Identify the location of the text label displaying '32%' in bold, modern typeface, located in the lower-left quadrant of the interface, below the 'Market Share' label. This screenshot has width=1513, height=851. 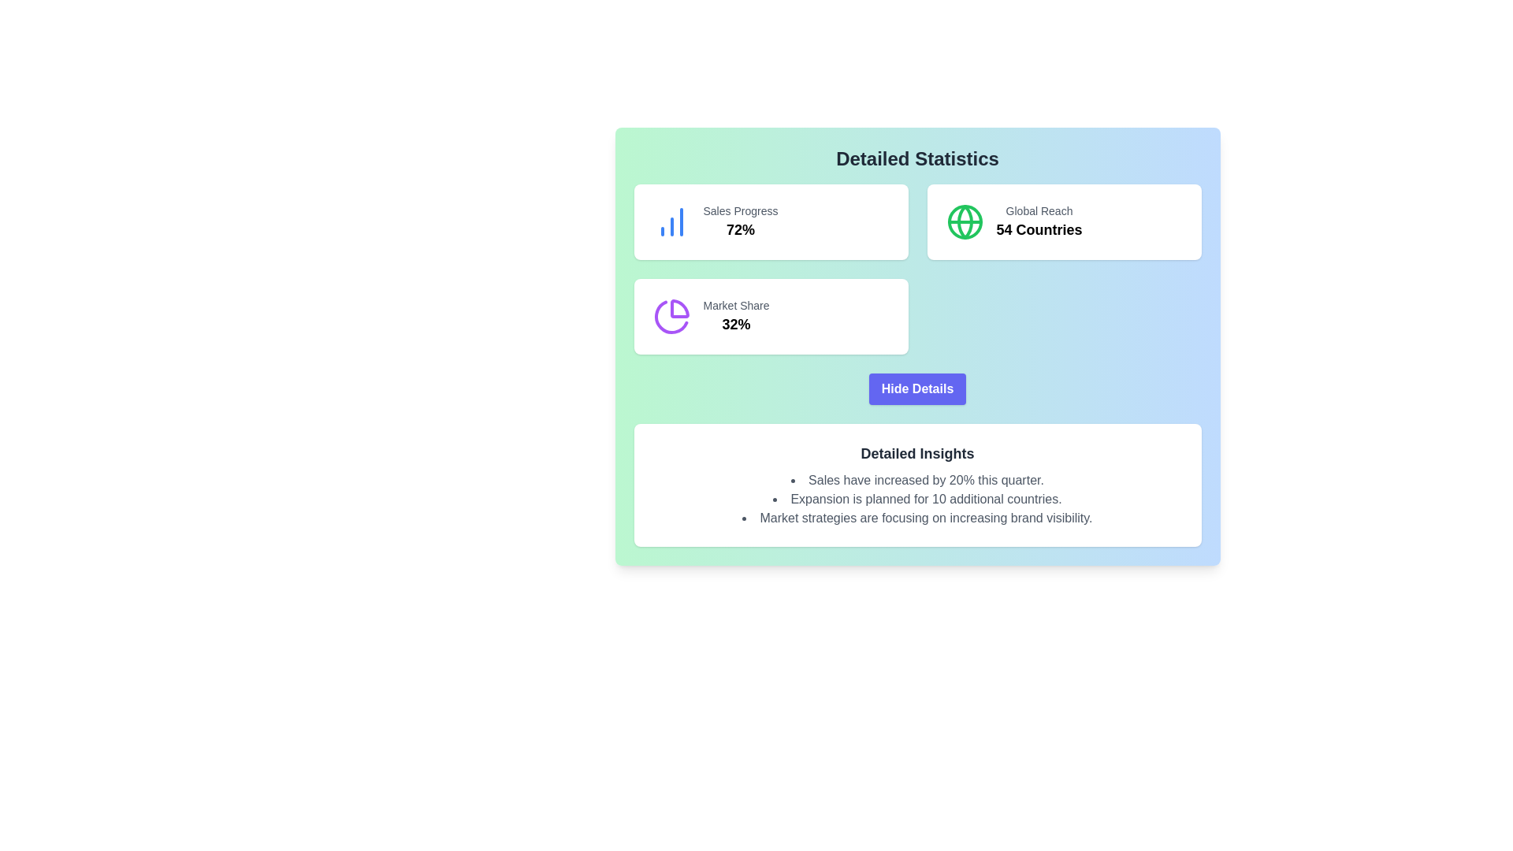
(735, 324).